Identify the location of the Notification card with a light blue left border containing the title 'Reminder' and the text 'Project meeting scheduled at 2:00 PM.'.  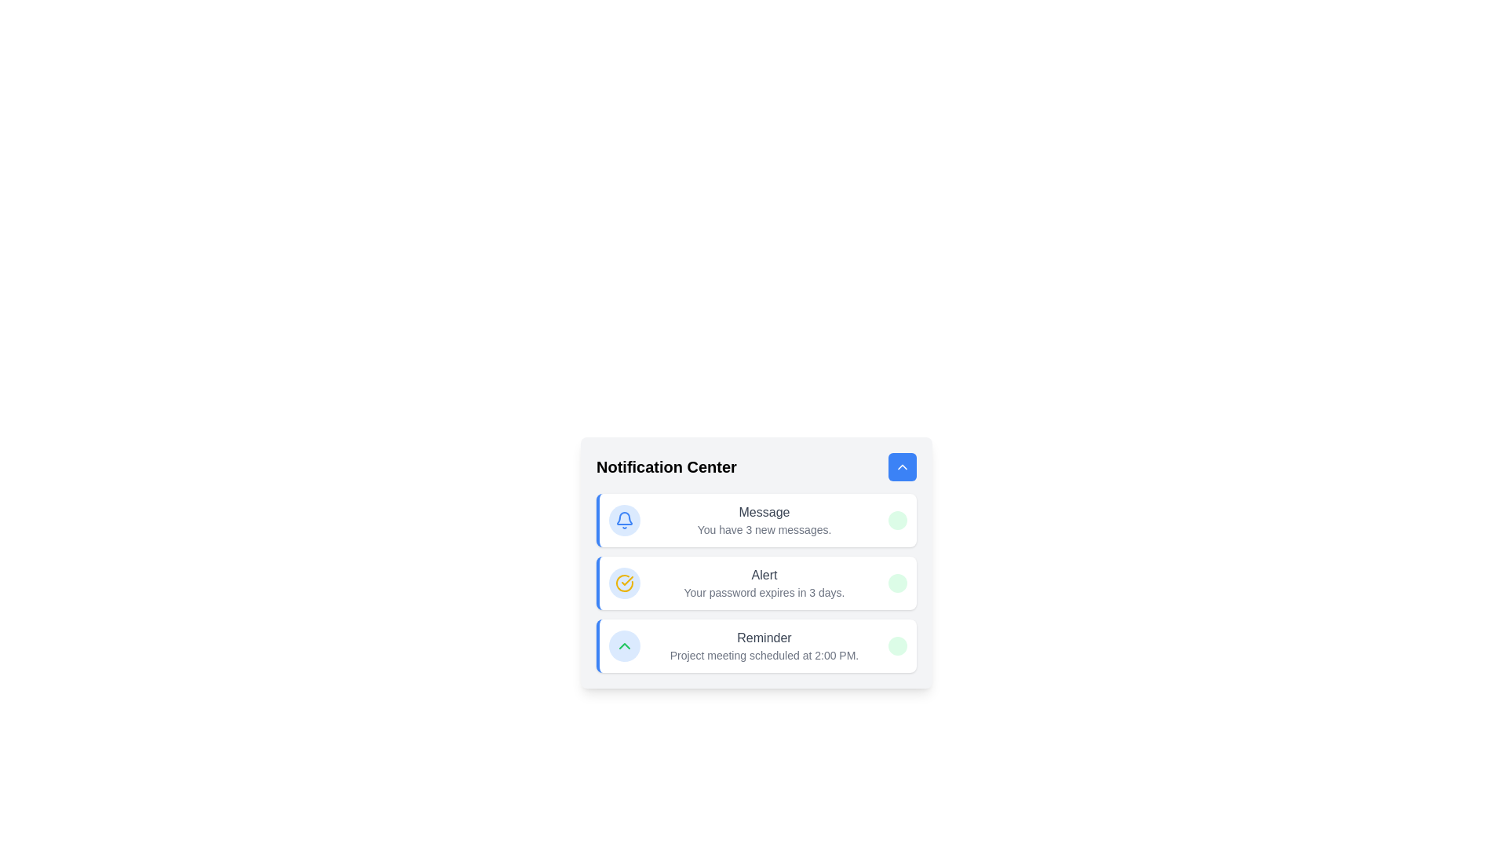
(757, 645).